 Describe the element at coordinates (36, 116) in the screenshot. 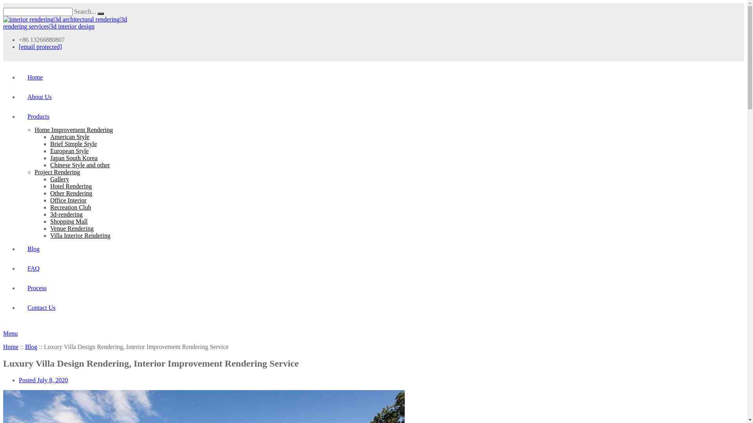

I see `'Products'` at that location.